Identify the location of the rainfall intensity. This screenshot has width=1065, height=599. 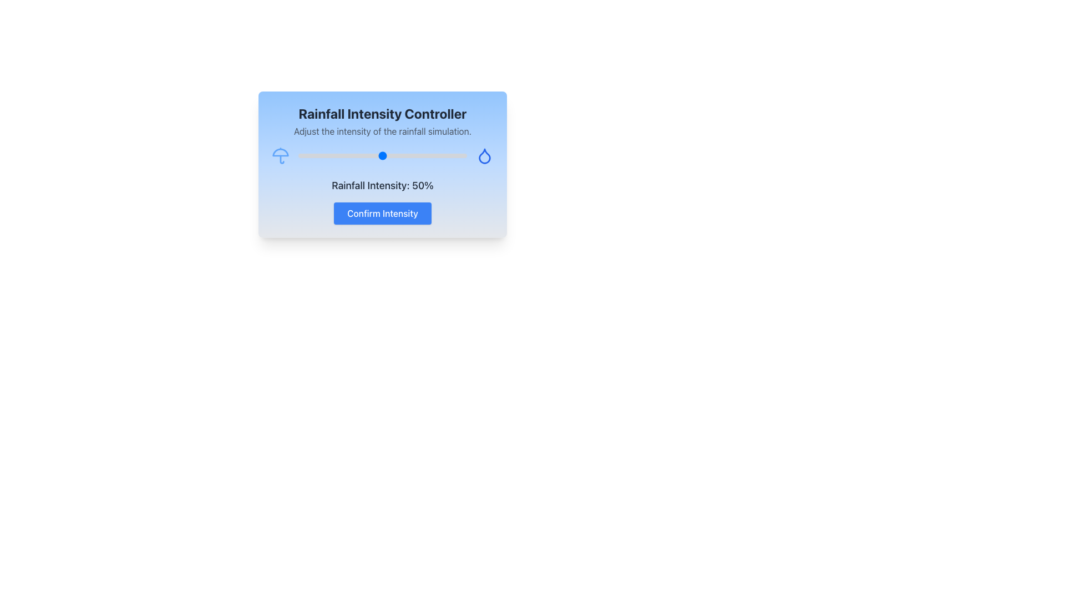
(423, 156).